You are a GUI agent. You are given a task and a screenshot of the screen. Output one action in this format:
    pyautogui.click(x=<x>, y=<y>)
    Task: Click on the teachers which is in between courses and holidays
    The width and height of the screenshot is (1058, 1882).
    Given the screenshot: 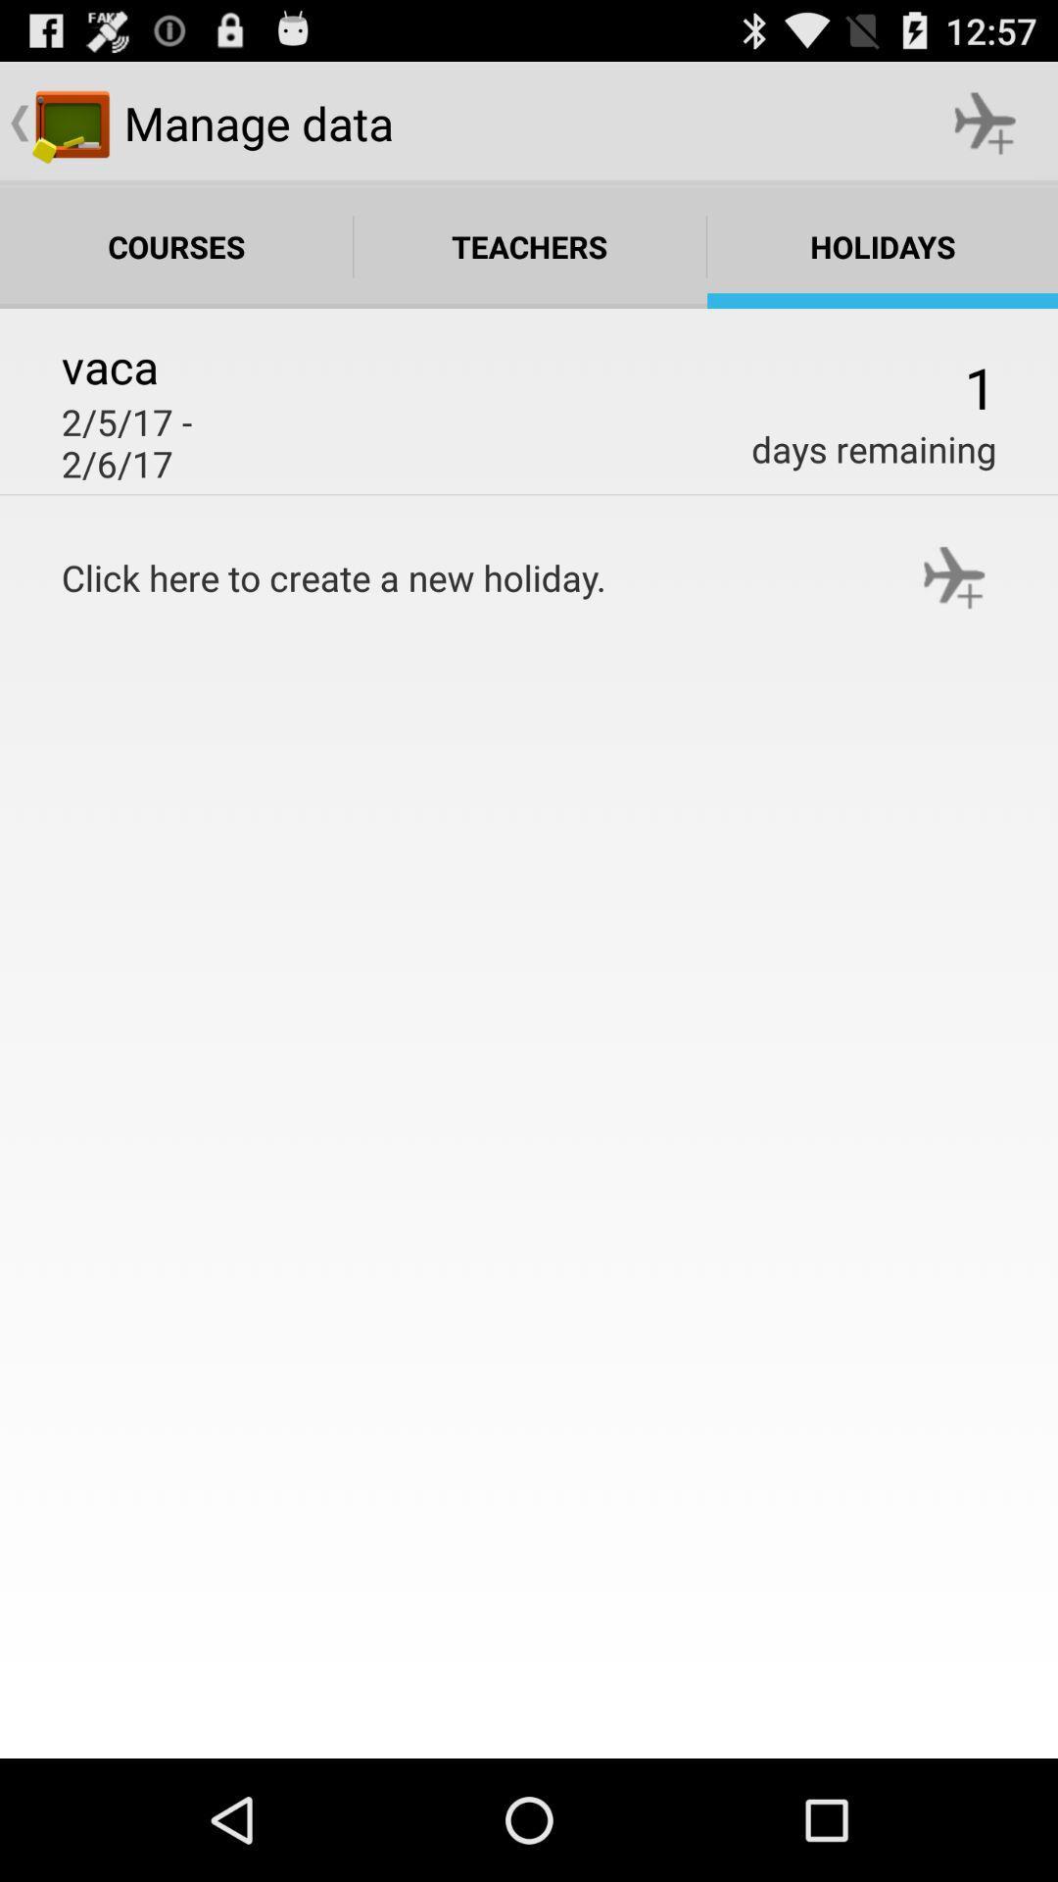 What is the action you would take?
    pyautogui.click(x=530, y=246)
    